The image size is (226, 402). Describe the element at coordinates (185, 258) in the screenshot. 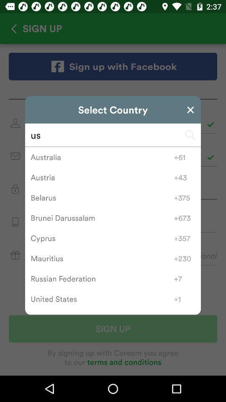

I see `the icon to the right of the mauritius` at that location.